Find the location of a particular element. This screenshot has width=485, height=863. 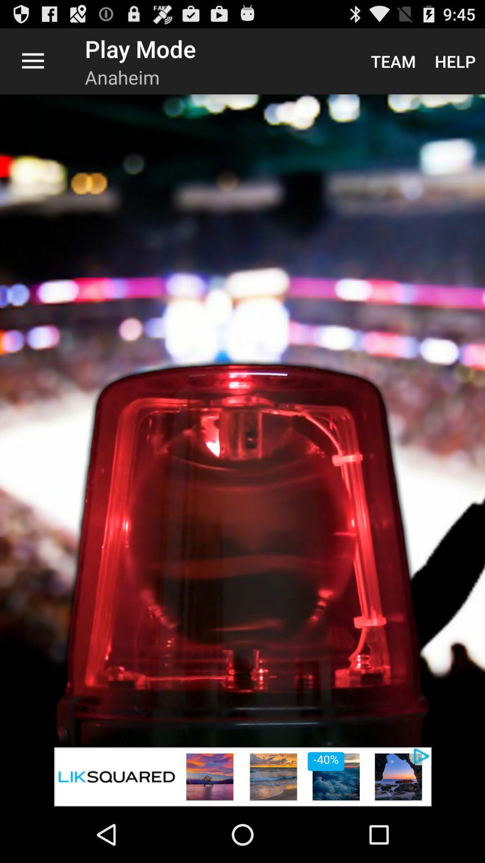

item to the right of the team is located at coordinates (455, 61).